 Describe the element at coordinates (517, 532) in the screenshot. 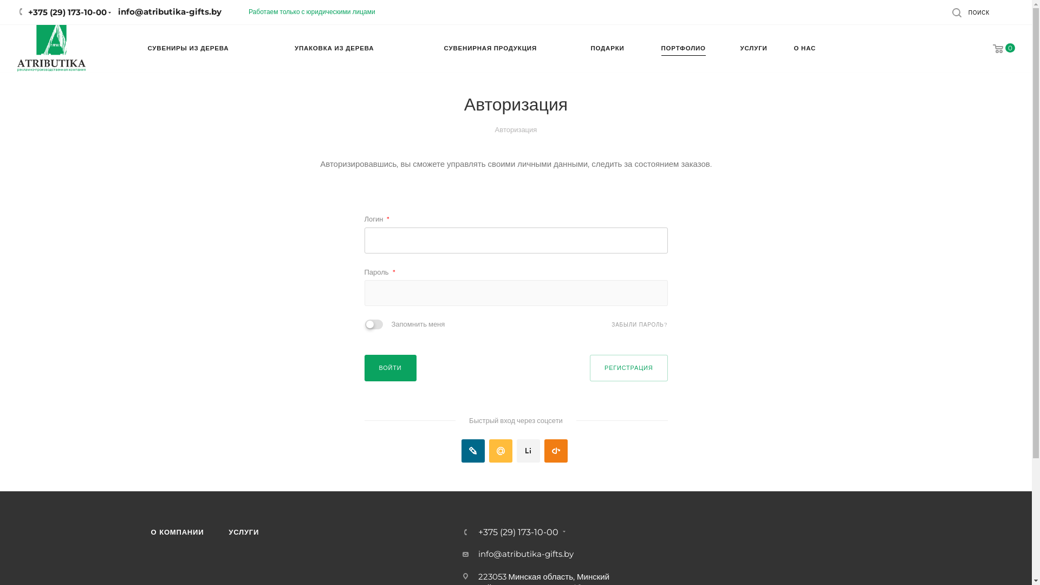

I see `'+375 (29) 173-10-00'` at that location.